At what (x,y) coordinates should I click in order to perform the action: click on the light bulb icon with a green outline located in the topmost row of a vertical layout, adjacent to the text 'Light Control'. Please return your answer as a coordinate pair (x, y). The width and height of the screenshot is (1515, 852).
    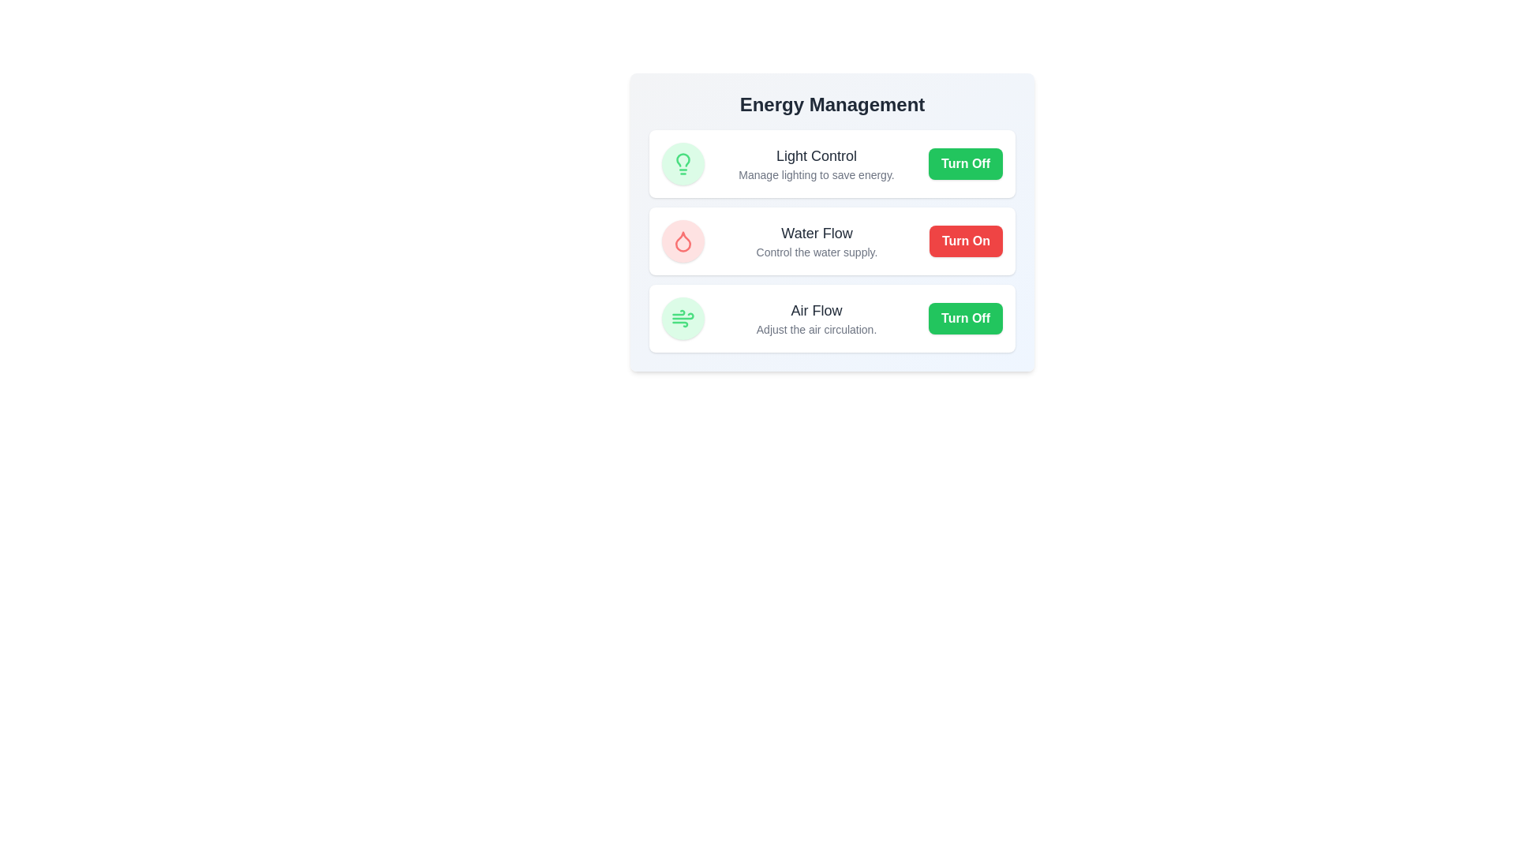
    Looking at the image, I should click on (683, 164).